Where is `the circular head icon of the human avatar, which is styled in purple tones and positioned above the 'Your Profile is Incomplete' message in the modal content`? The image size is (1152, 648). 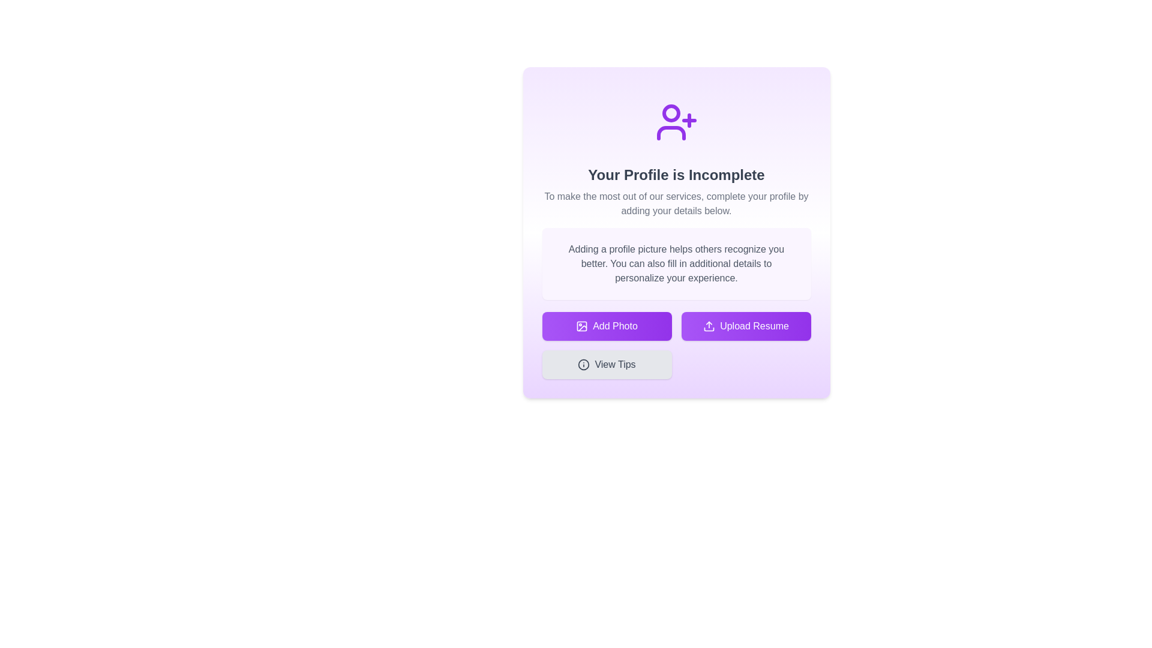
the circular head icon of the human avatar, which is styled in purple tones and positioned above the 'Your Profile is Incomplete' message in the modal content is located at coordinates (670, 113).